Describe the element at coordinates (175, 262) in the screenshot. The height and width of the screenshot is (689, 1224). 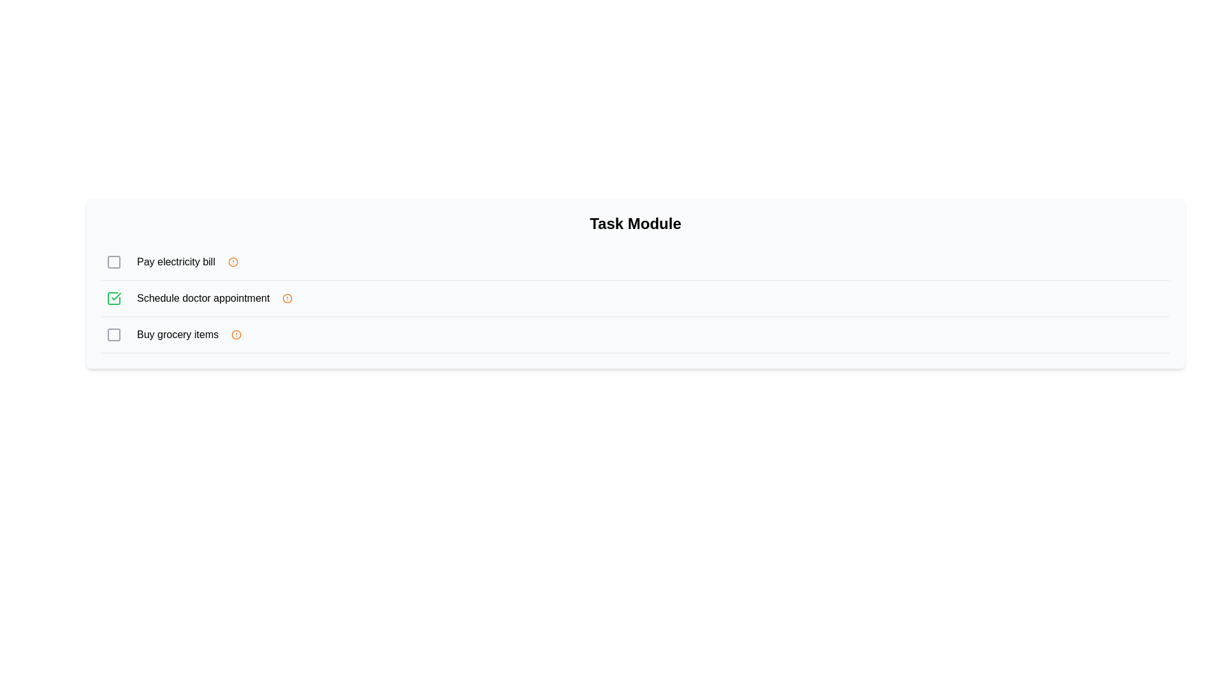
I see `the text label that informs the user to 'Pay electricity bill', which is the first item in a task list, located to the right of a checkbox and to the left of an orange warning icon` at that location.